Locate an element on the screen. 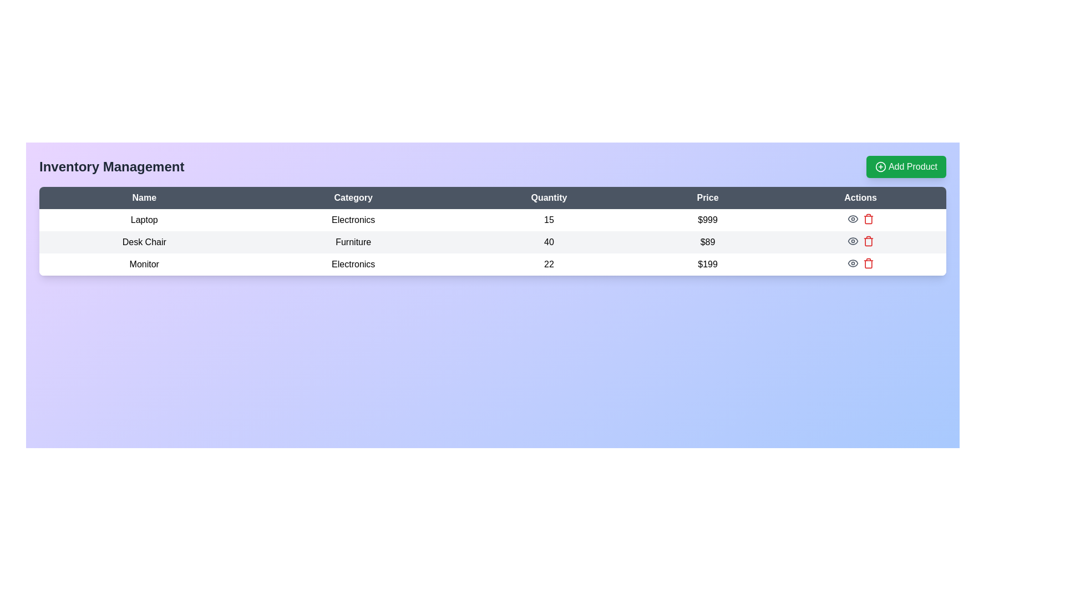  the 'Quantity' text label, which is a white text label on a dark gray background, centered in the header row of a table layout is located at coordinates (549, 197).